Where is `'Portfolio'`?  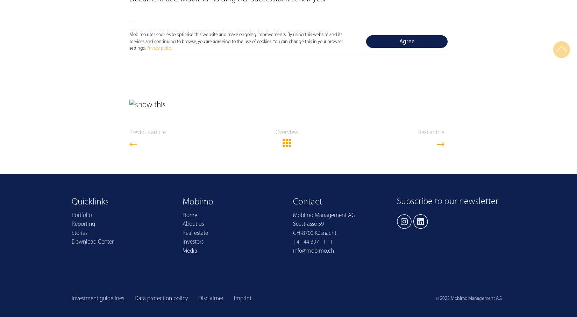 'Portfolio' is located at coordinates (81, 215).